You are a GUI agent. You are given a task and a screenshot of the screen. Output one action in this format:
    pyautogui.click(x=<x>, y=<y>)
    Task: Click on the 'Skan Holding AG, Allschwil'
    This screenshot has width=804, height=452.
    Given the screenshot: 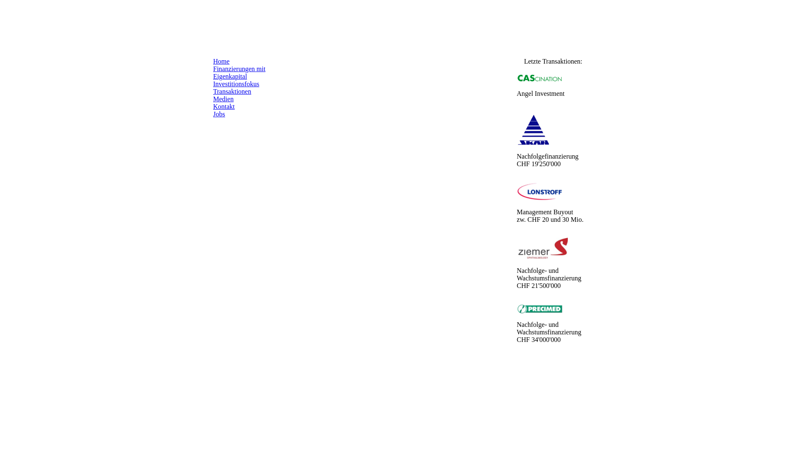 What is the action you would take?
    pyautogui.click(x=533, y=129)
    